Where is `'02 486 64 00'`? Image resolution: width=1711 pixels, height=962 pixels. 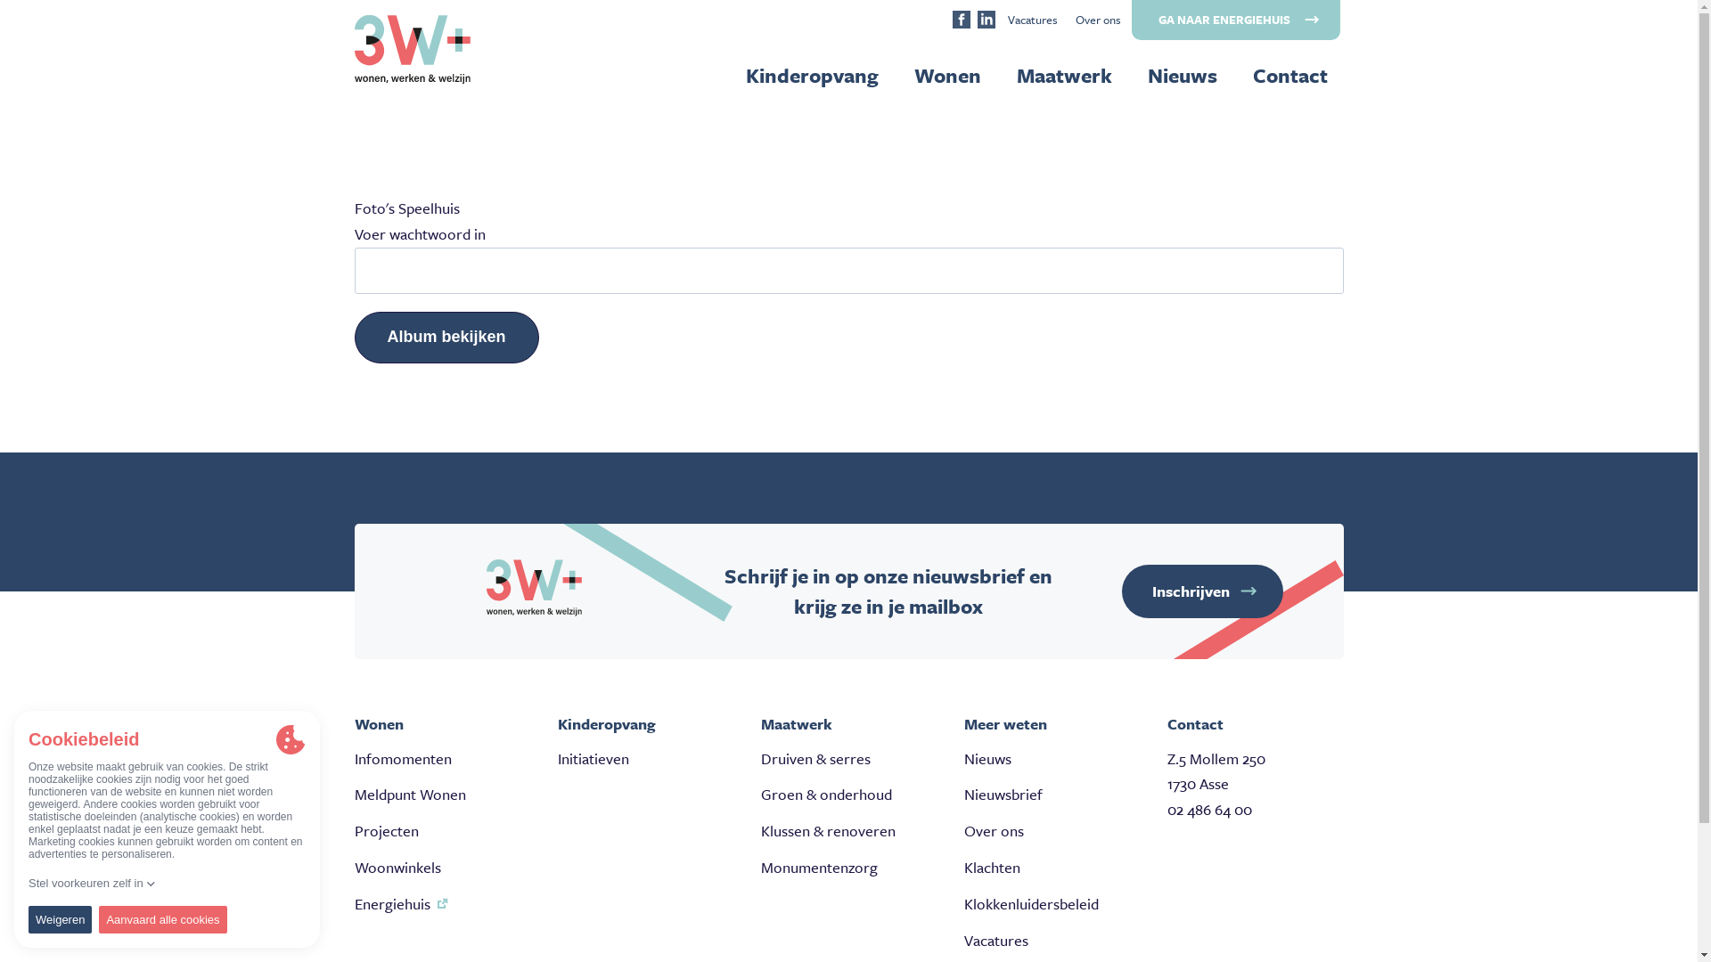
'02 486 64 00' is located at coordinates (1209, 809).